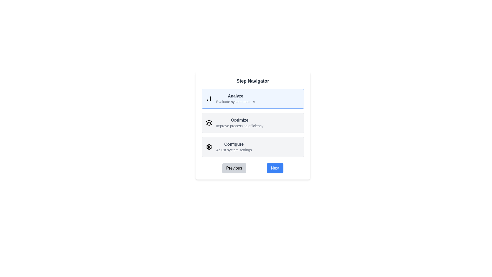 The width and height of the screenshot is (492, 277). What do you see at coordinates (239, 120) in the screenshot?
I see `the 'Optimize' text label, which is a bold header in the step navigation interface, positioned above the description text 'Improve processing efficiency'` at bounding box center [239, 120].